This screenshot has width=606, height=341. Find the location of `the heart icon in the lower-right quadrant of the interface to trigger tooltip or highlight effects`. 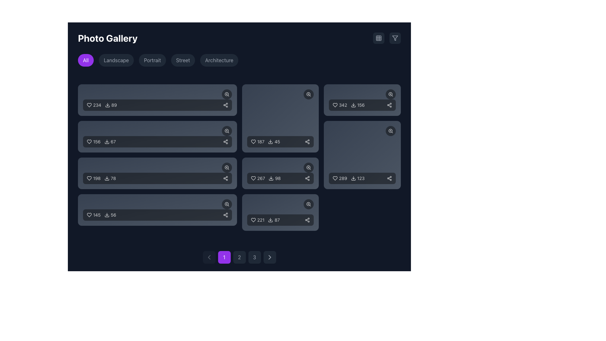

the heart icon in the lower-right quadrant of the interface to trigger tooltip or highlight effects is located at coordinates (253, 178).